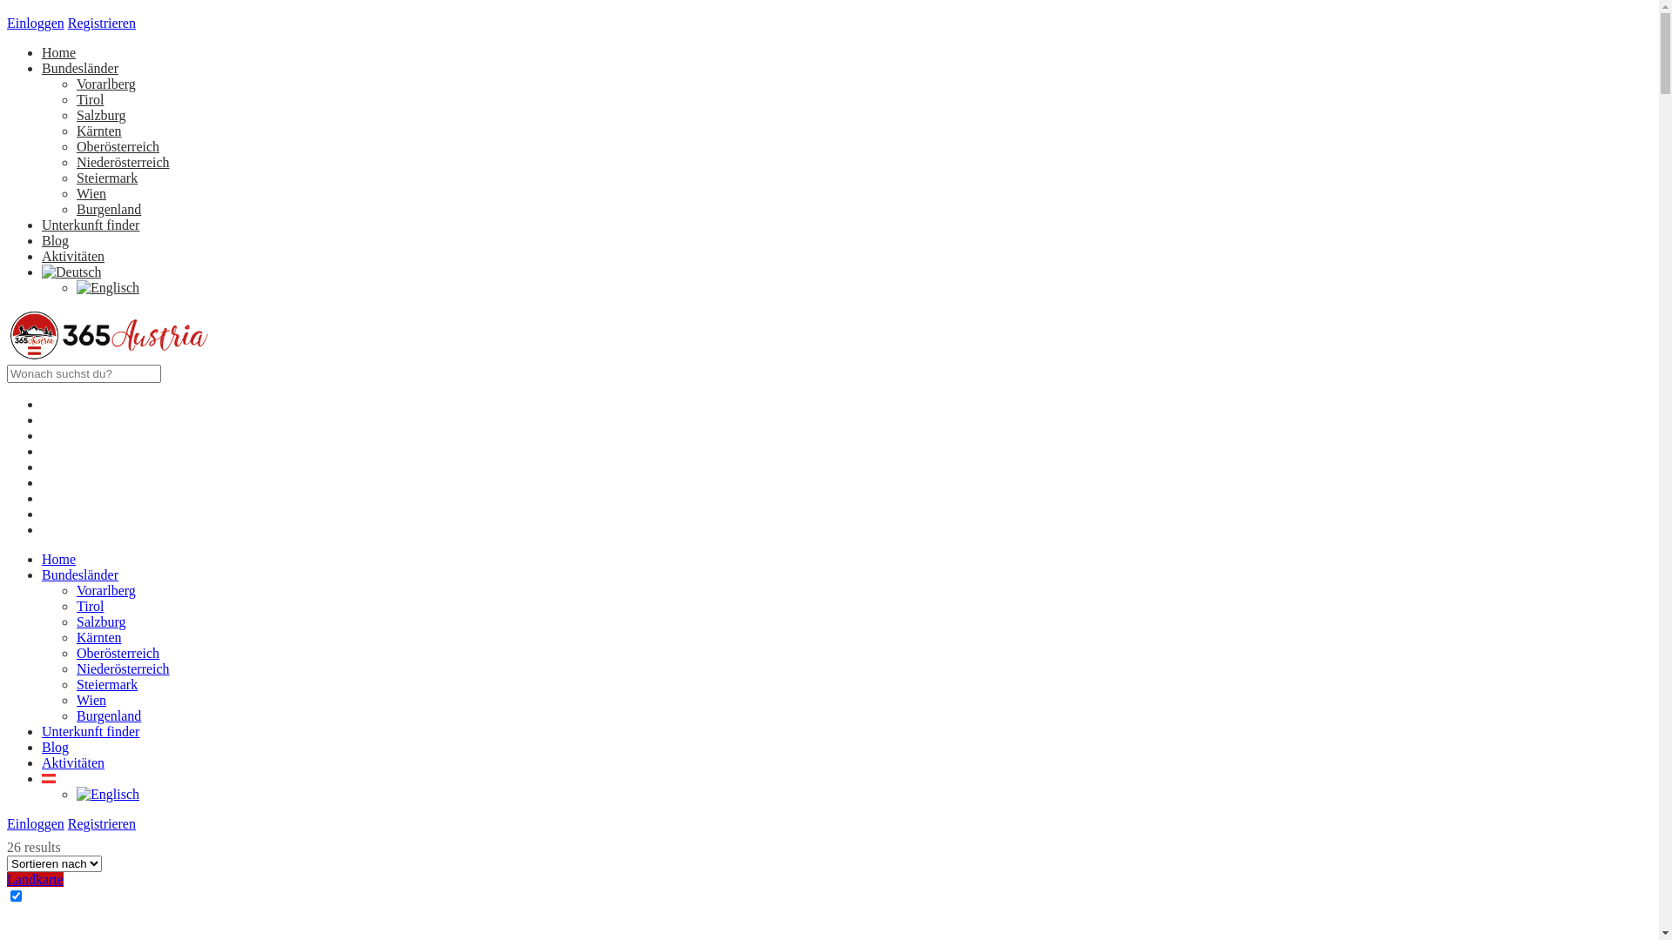 Image resolution: width=1672 pixels, height=940 pixels. What do you see at coordinates (89, 567) in the screenshot?
I see `'Tirol'` at bounding box center [89, 567].